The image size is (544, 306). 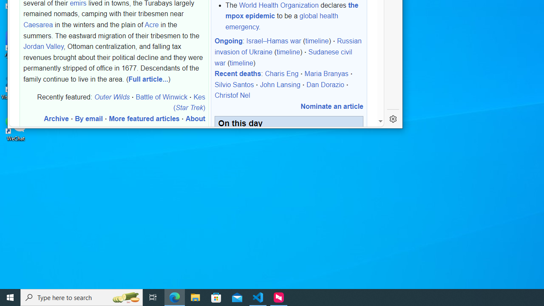 What do you see at coordinates (111, 96) in the screenshot?
I see `'Outer Wilds'` at bounding box center [111, 96].